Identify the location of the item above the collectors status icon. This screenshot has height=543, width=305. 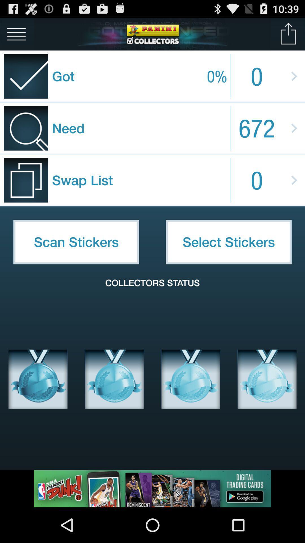
(229, 242).